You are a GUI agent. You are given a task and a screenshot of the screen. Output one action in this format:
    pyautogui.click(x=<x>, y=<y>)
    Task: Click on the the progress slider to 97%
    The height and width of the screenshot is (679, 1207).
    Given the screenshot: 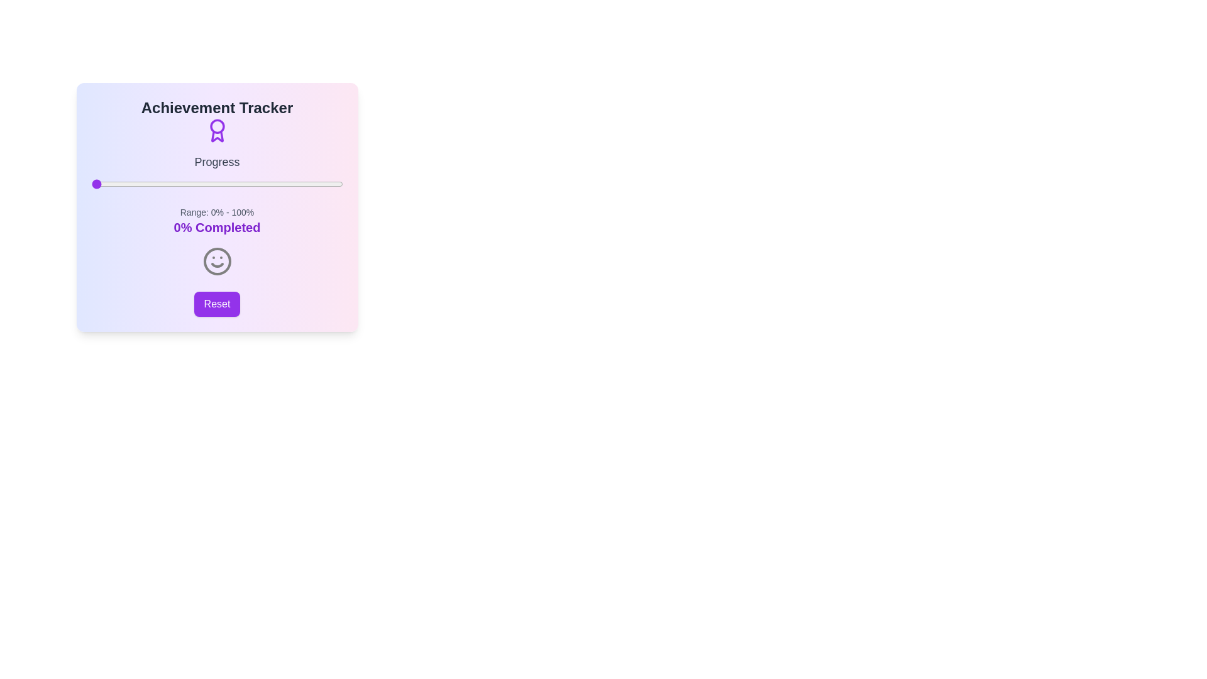 What is the action you would take?
    pyautogui.click(x=335, y=184)
    